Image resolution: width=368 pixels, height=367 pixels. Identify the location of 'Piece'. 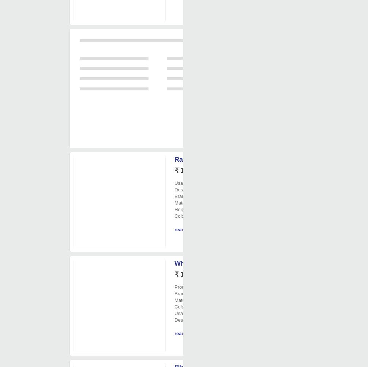
(199, 274).